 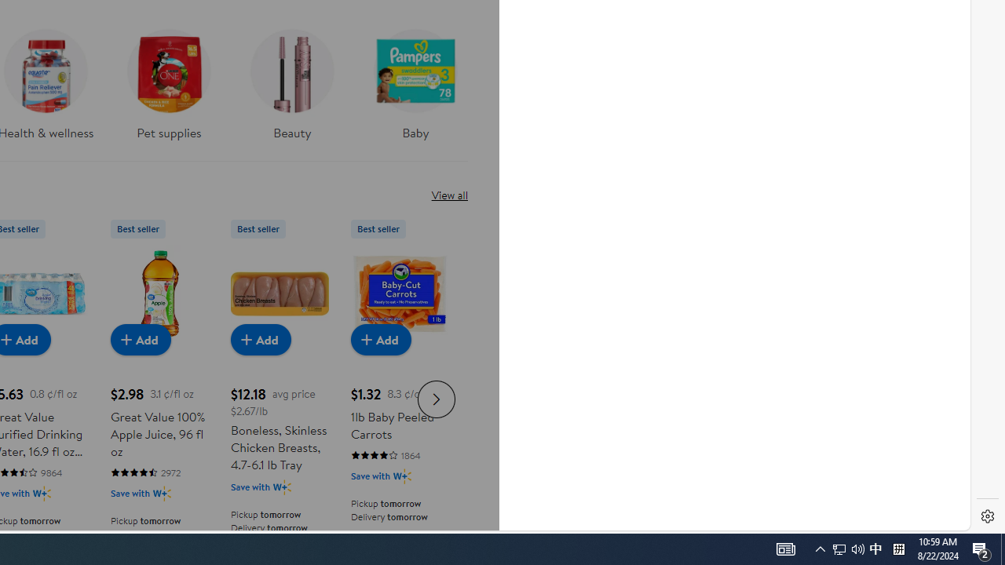 What do you see at coordinates (169, 89) in the screenshot?
I see `'Pet supplies'` at bounding box center [169, 89].